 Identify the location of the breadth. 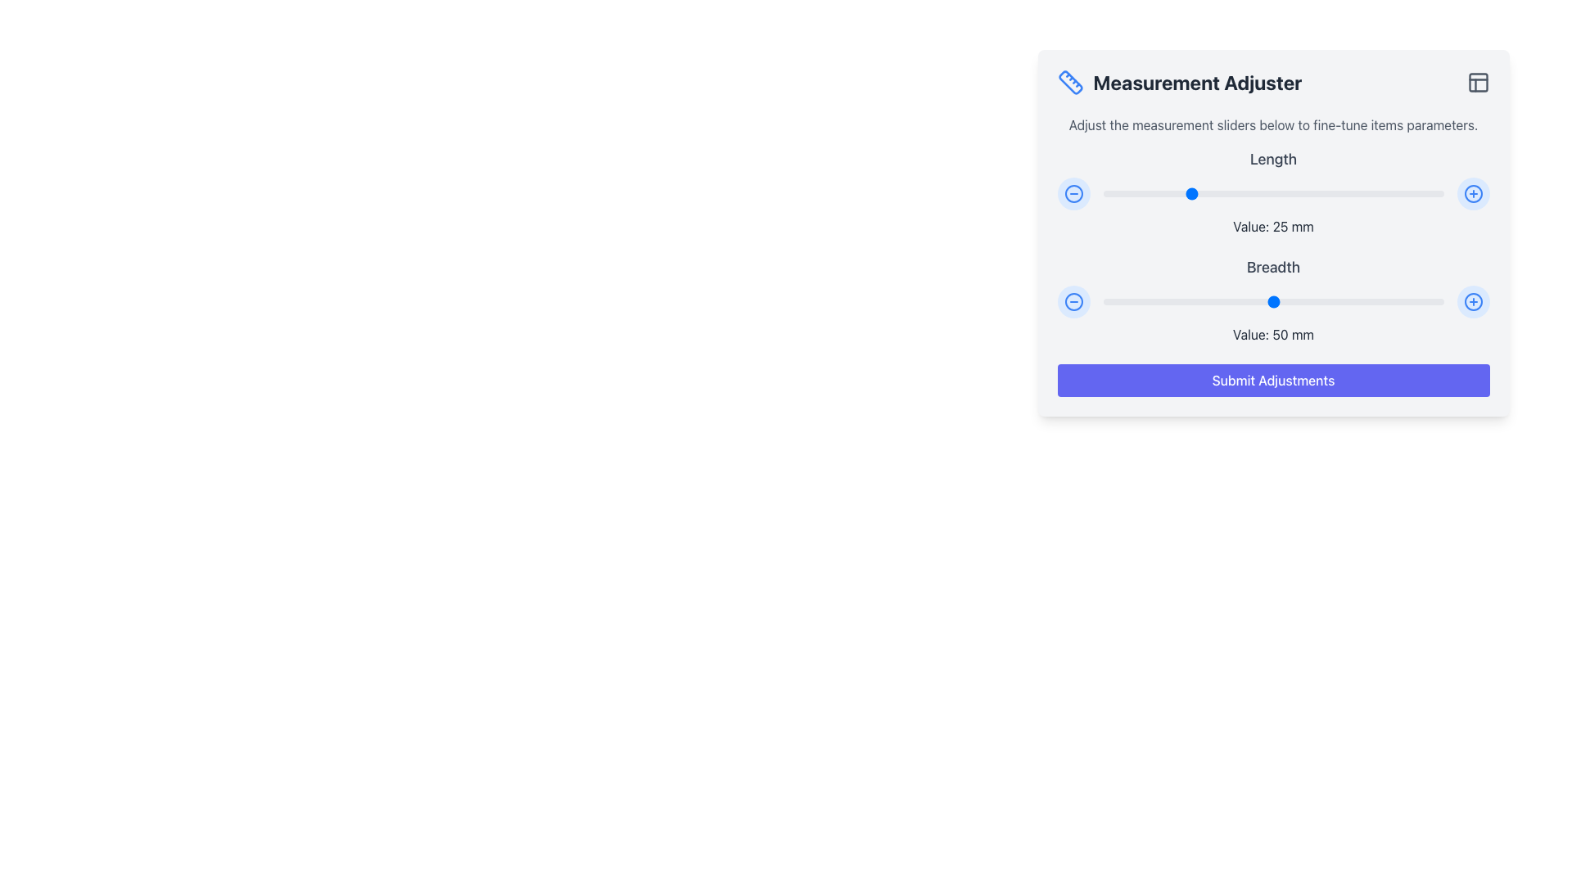
(1293, 302).